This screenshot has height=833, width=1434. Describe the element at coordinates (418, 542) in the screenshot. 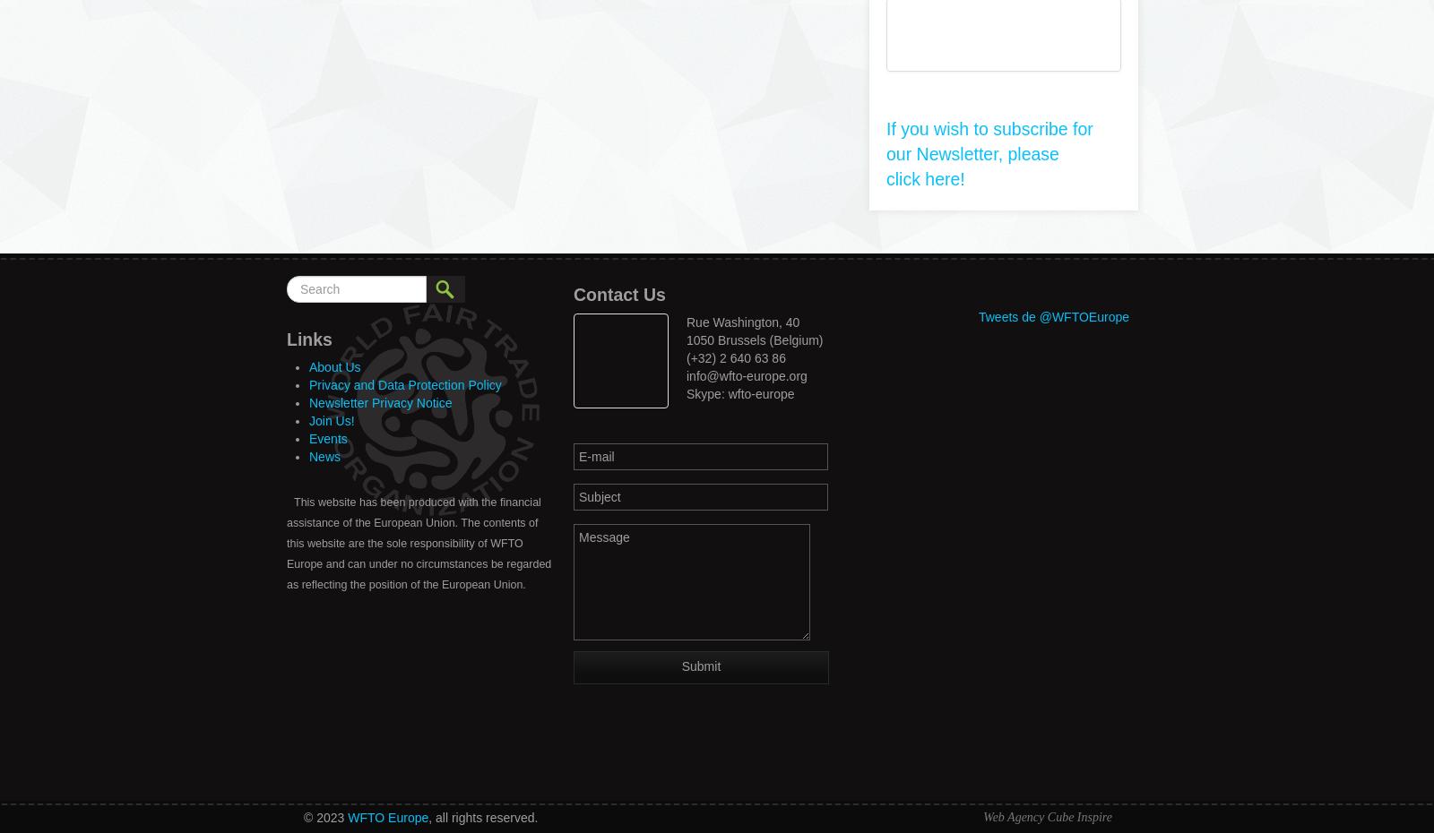

I see `'This website has been produced with the financial assistance of the European Union. The contents of this website are the sole responsibility of  WFTO Europe and can under no circumstances be regarded as reflecting the position of the European Union.'` at that location.